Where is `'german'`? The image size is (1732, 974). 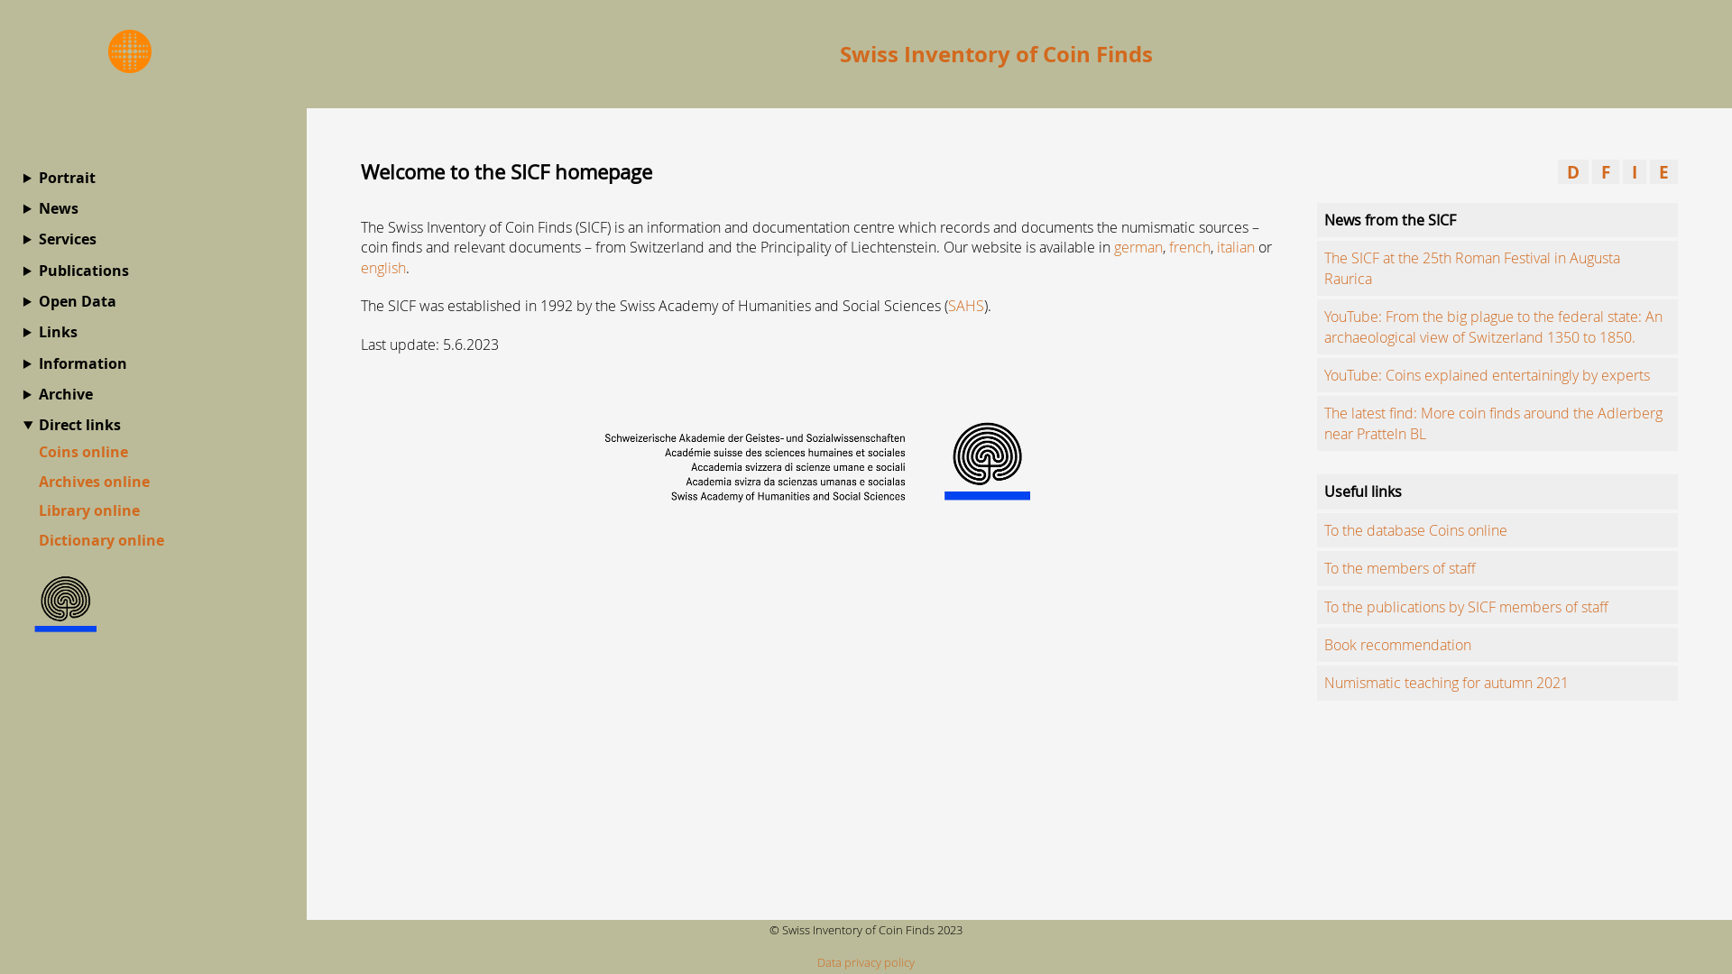 'german' is located at coordinates (1138, 246).